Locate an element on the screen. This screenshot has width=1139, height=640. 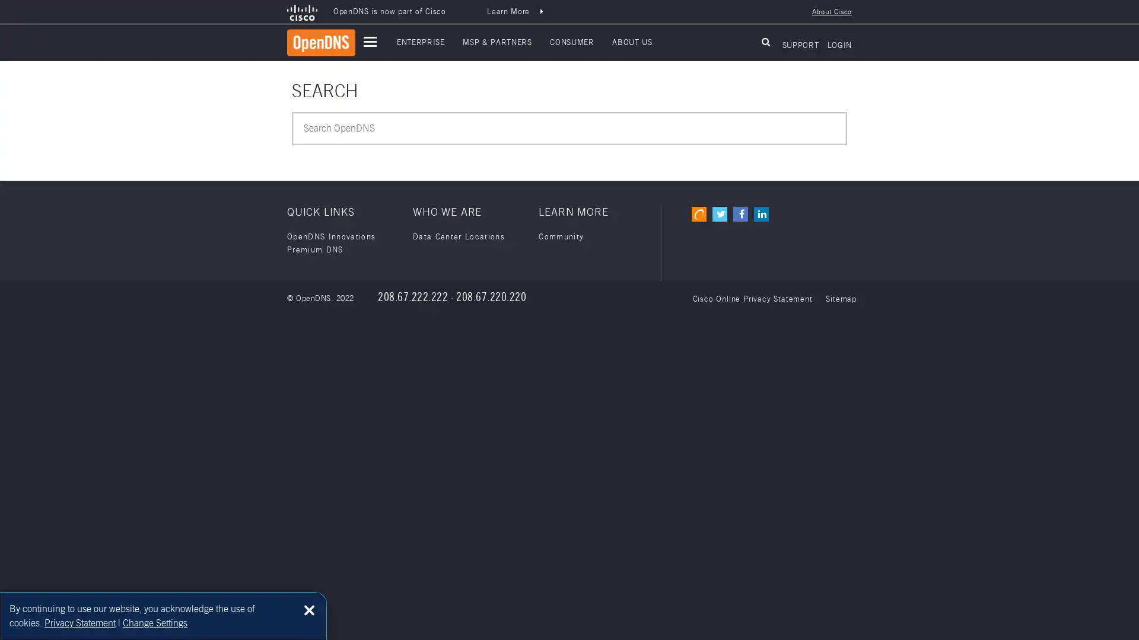
Back to top is located at coordinates (1104, 596).